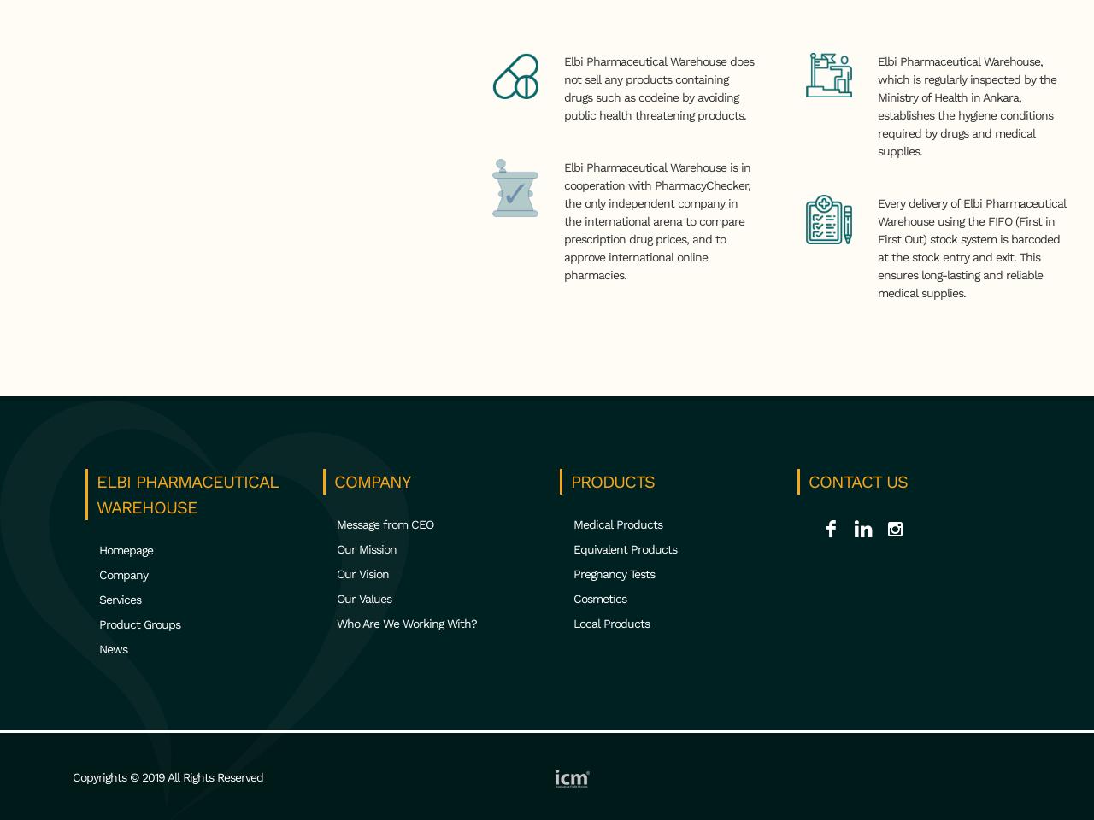 The image size is (1094, 820). Describe the element at coordinates (139, 622) in the screenshot. I see `'Product Groups'` at that location.